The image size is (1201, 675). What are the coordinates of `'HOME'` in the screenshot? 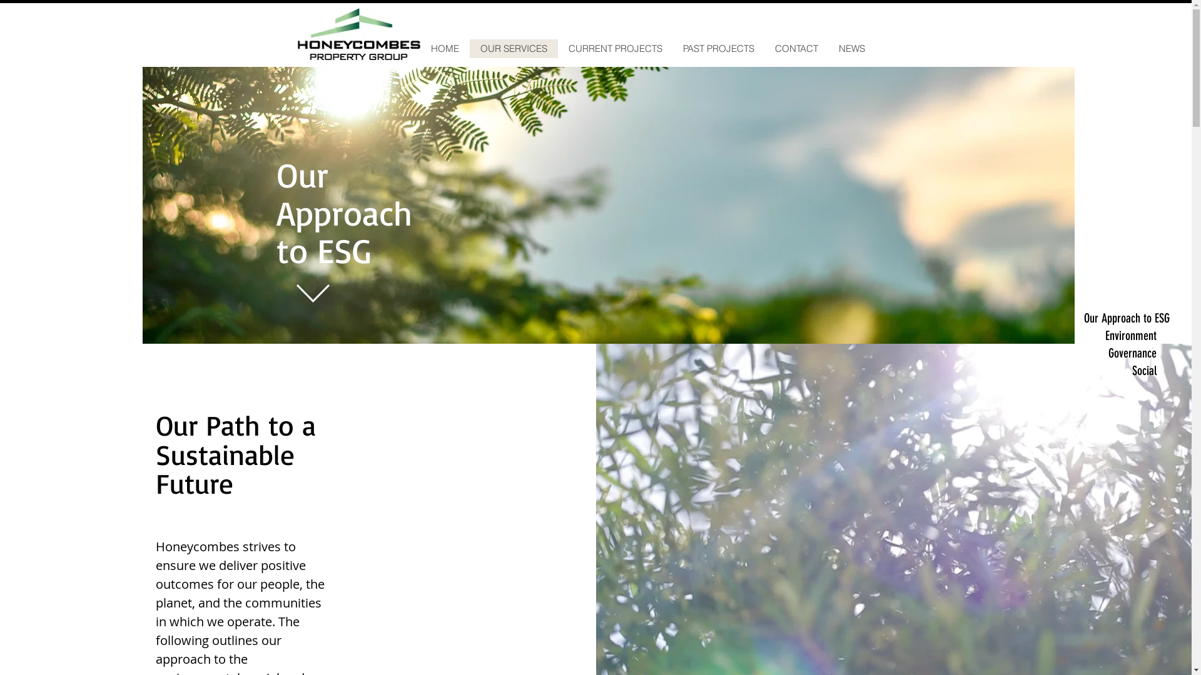 It's located at (444, 47).